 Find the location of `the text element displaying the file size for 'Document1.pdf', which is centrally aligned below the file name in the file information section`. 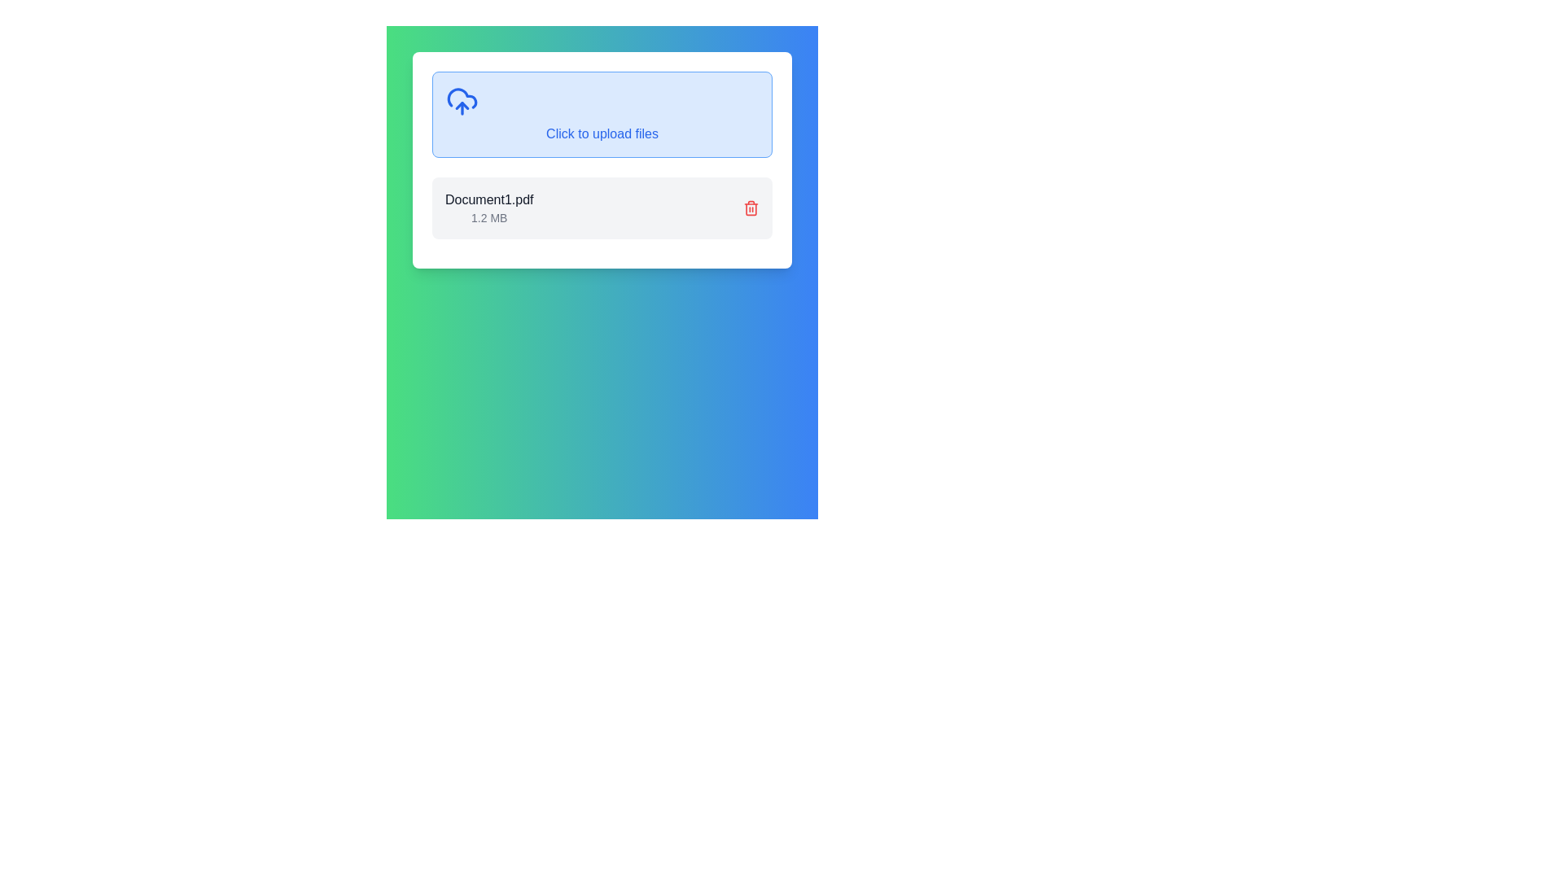

the text element displaying the file size for 'Document1.pdf', which is centrally aligned below the file name in the file information section is located at coordinates (488, 216).